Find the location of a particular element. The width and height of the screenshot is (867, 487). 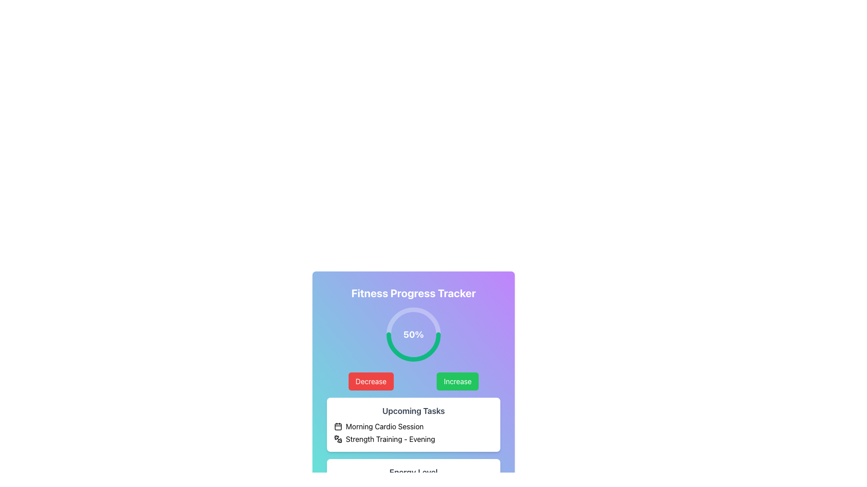

the static text element labeled 'Strength Training - Evening' with a dumbbell icon, which is the second item in the 'Upcoming Tasks' list is located at coordinates (413, 439).